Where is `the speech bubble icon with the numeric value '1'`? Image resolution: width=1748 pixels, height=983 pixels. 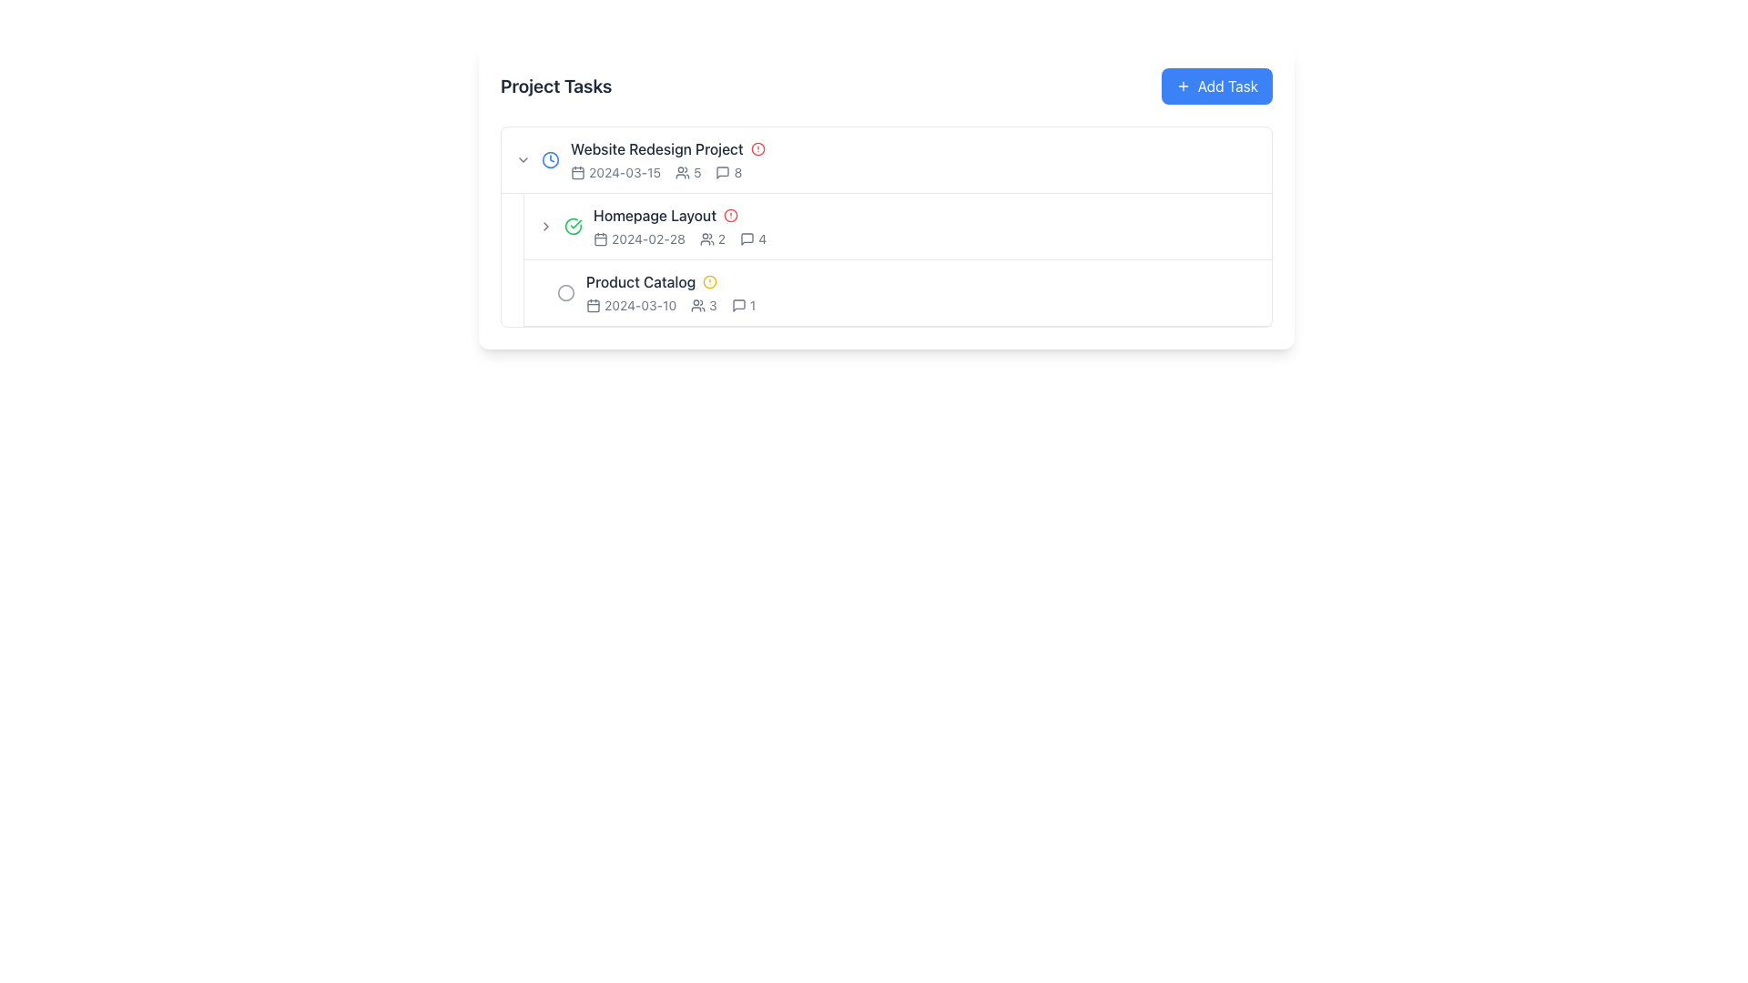 the speech bubble icon with the numeric value '1' is located at coordinates (743, 304).